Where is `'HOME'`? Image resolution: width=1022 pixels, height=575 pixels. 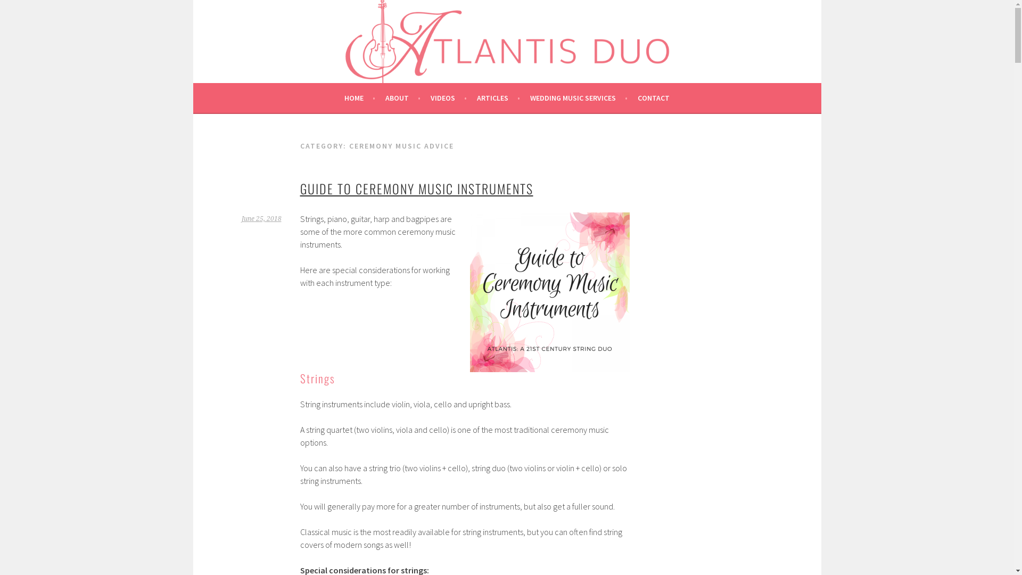
'HOME' is located at coordinates (360, 98).